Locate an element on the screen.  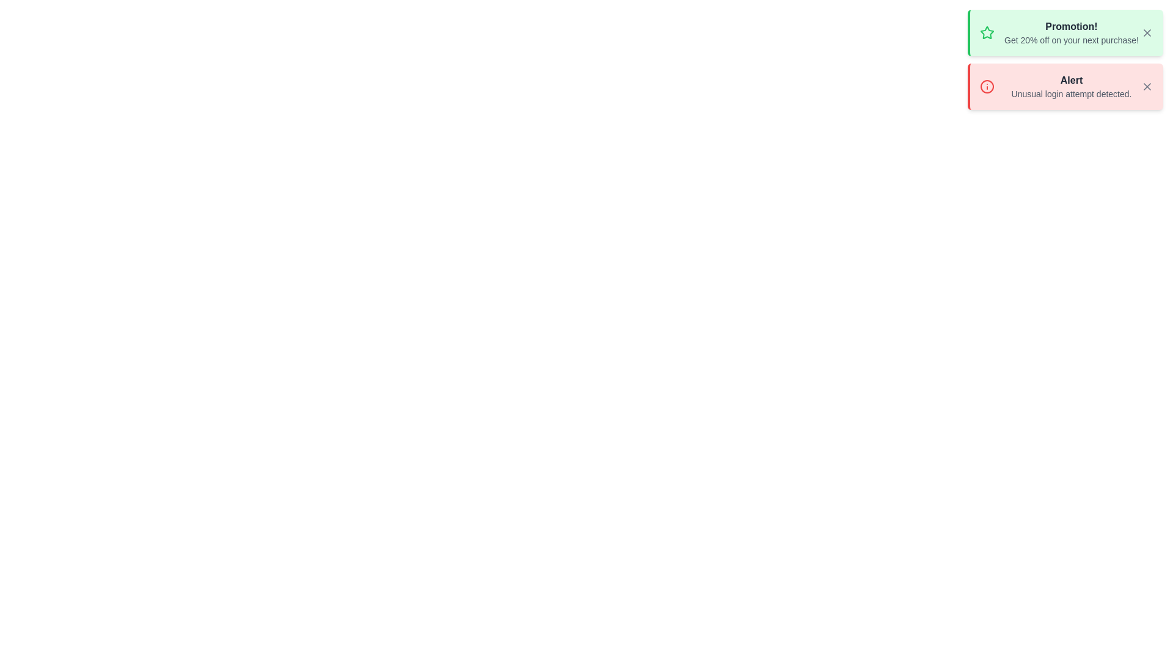
information related to the alert notification represented by the SVG Circle Element located in the upper-right corner of the interface is located at coordinates (987, 86).